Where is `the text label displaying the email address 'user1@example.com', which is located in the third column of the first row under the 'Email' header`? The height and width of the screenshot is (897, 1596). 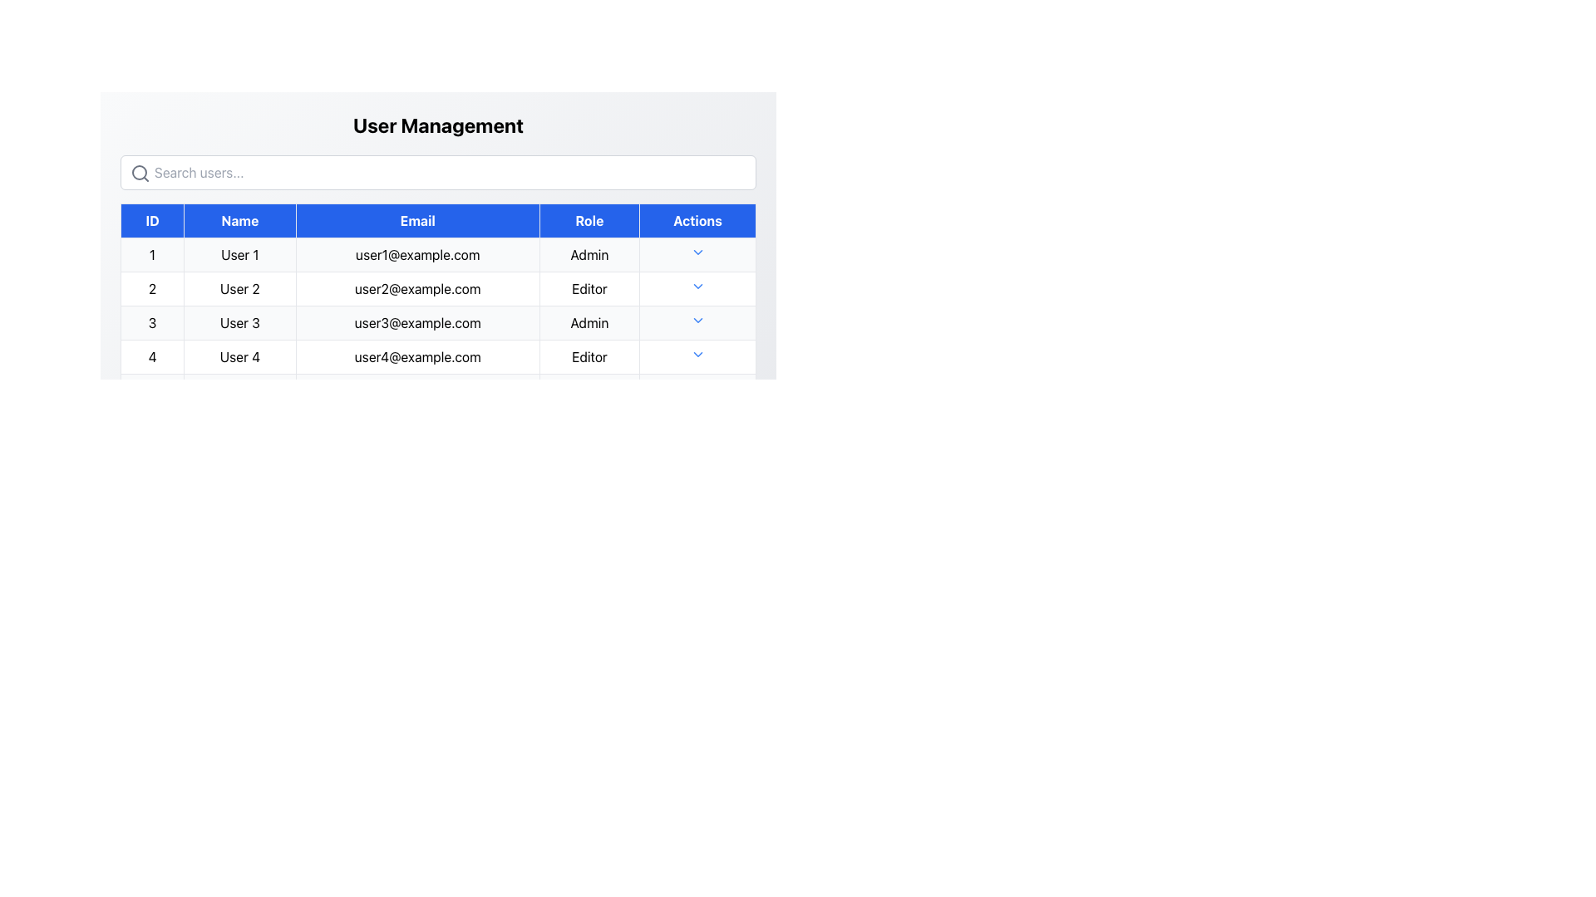 the text label displaying the email address 'user1@example.com', which is located in the third column of the first row under the 'Email' header is located at coordinates (417, 255).